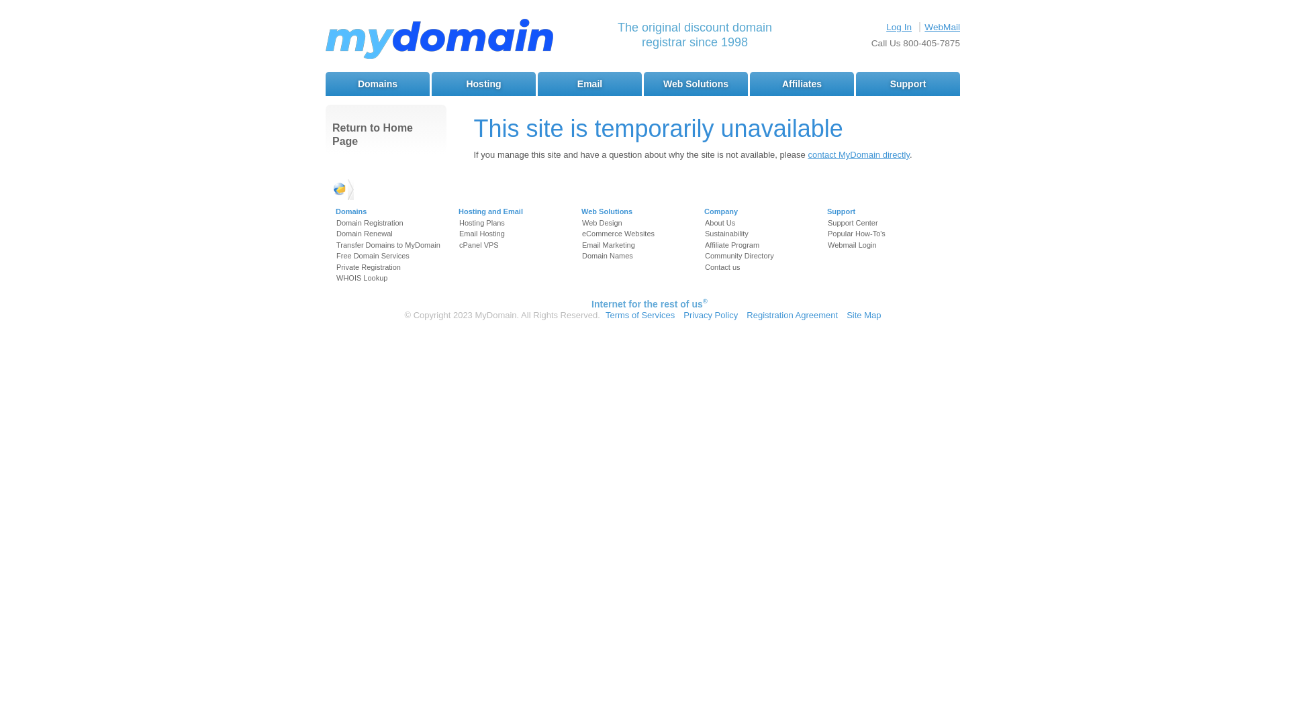 The height and width of the screenshot is (725, 1289). Describe the element at coordinates (439, 40) in the screenshot. I see `'MyDomain'` at that location.